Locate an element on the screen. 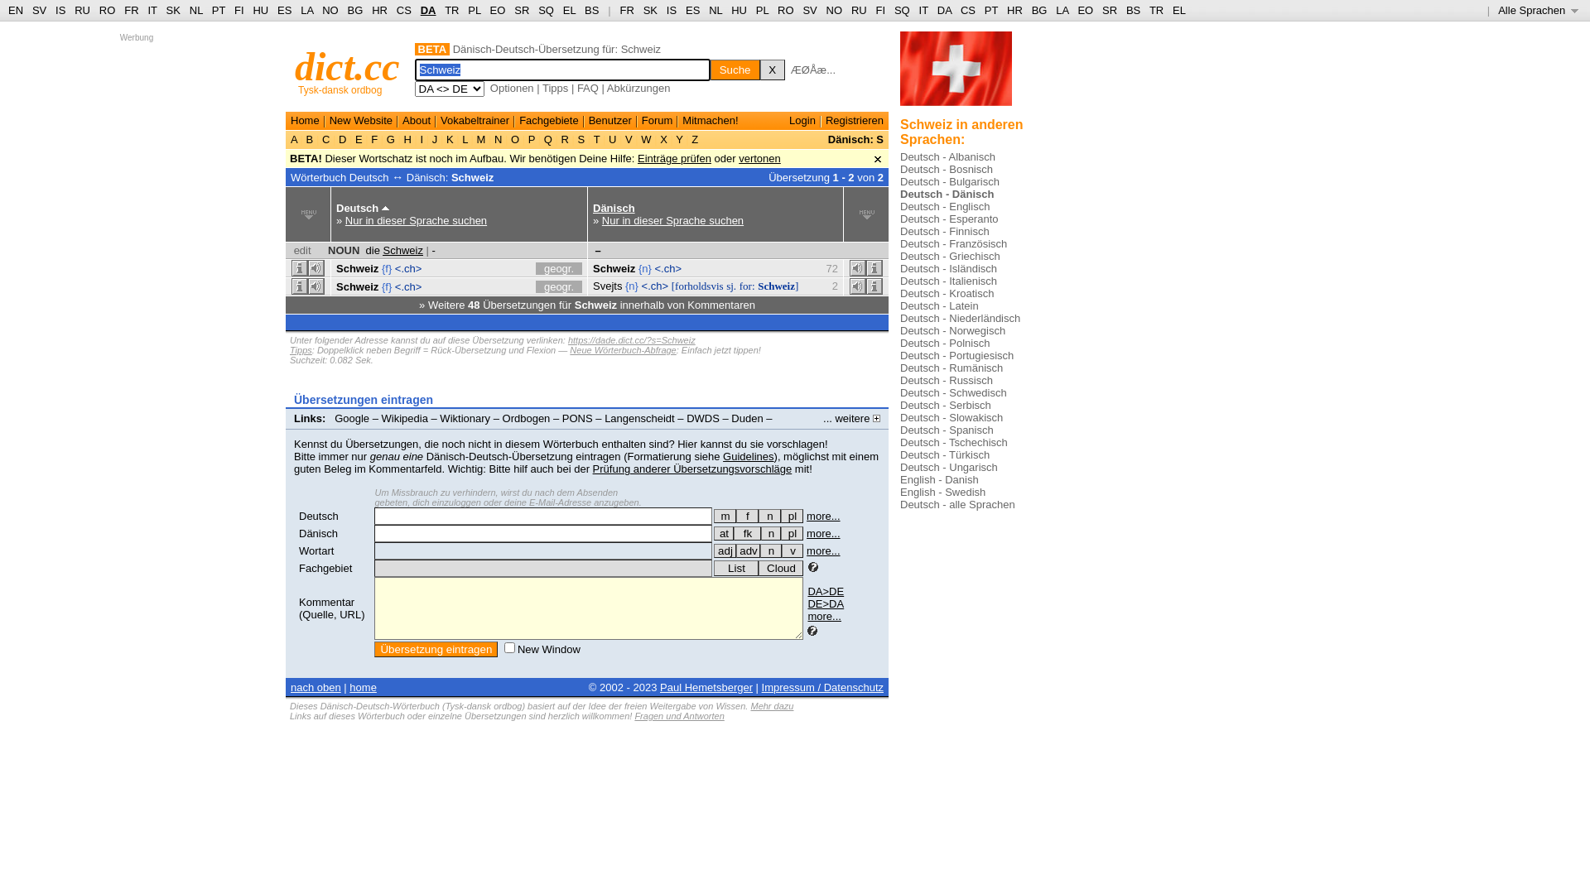  'home' is located at coordinates (349, 687).